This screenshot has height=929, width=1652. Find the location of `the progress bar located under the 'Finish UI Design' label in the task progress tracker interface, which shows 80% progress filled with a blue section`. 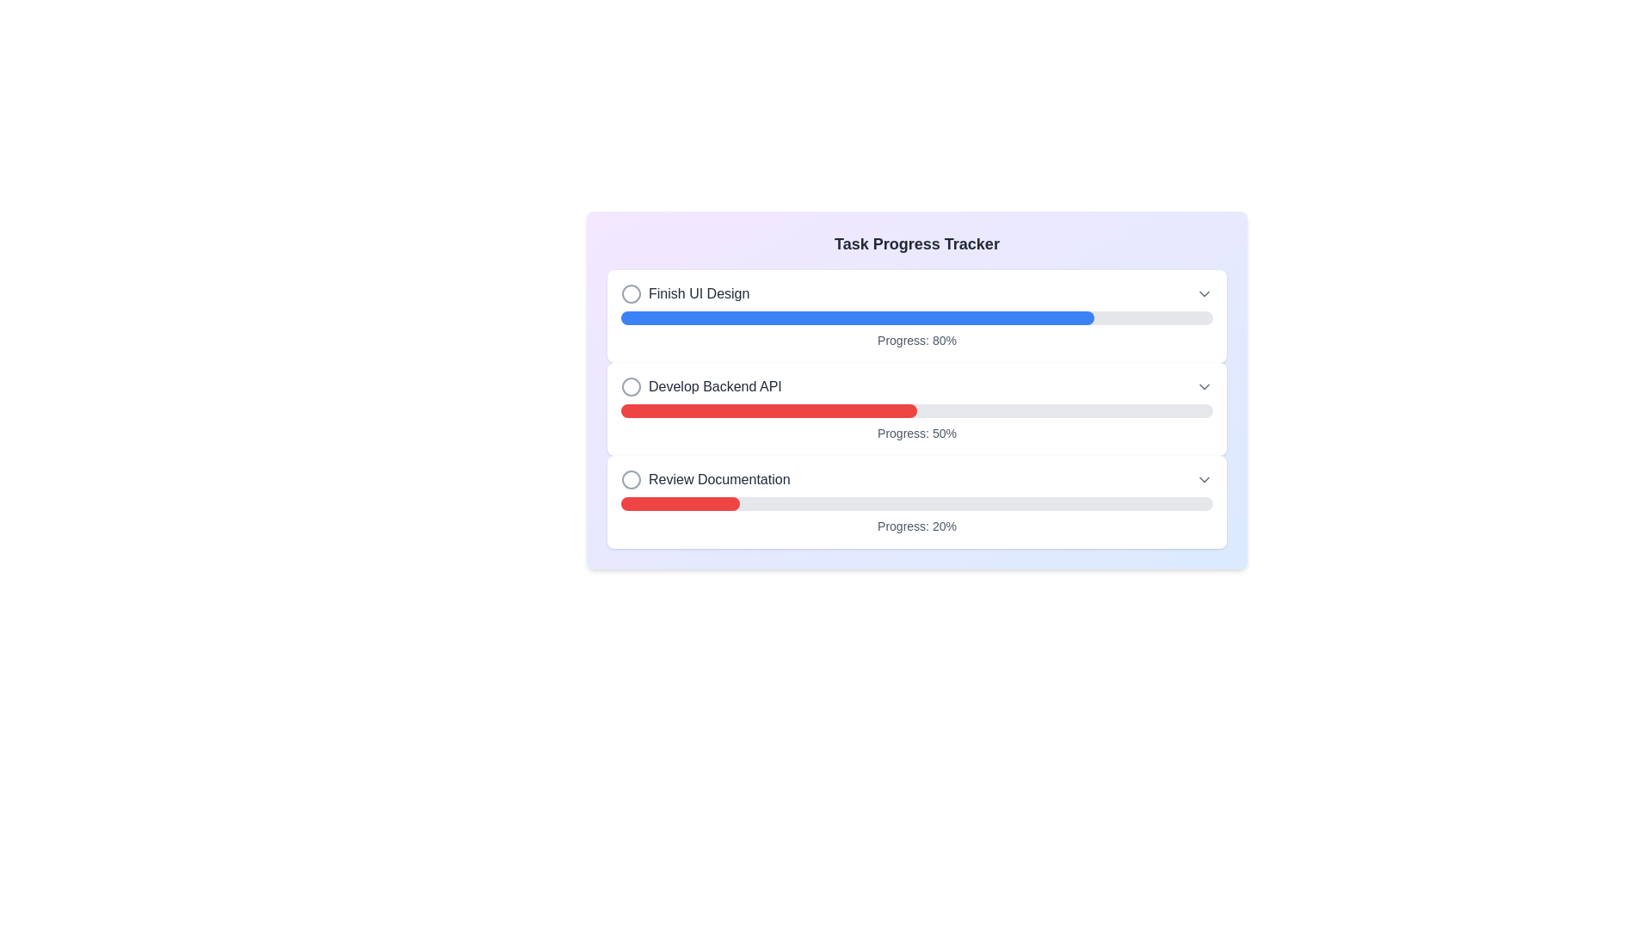

the progress bar located under the 'Finish UI Design' label in the task progress tracker interface, which shows 80% progress filled with a blue section is located at coordinates (915, 318).